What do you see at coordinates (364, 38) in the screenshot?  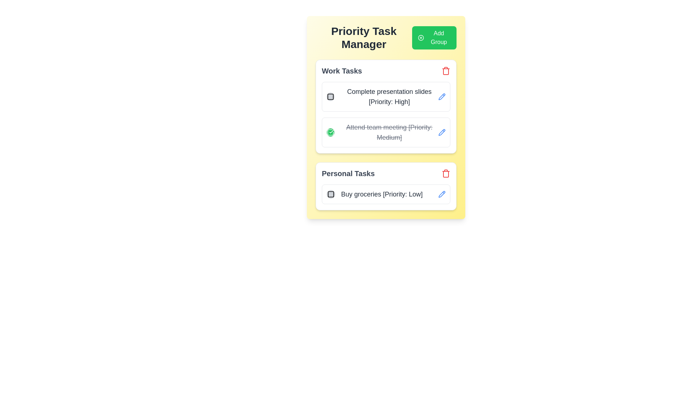 I see `the bold text label 'Priority Task Manager', which is prominently displayed at the top-left of the application's interface, serving as the title or header` at bounding box center [364, 38].